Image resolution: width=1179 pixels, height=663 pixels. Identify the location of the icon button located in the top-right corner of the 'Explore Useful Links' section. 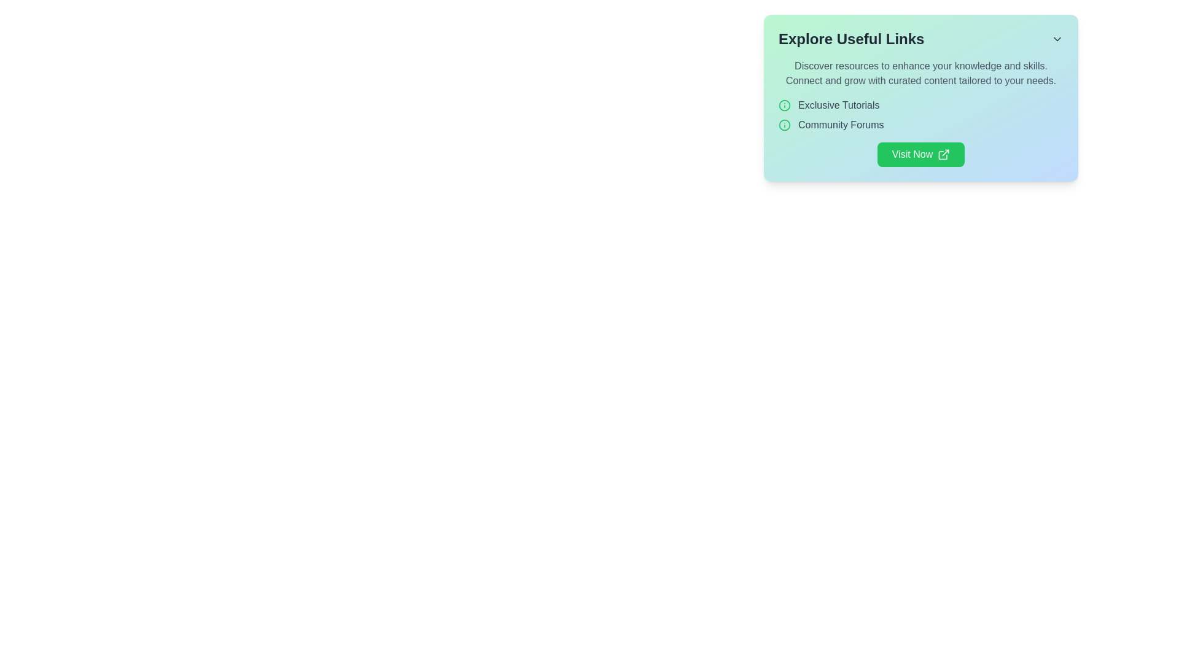
(1057, 39).